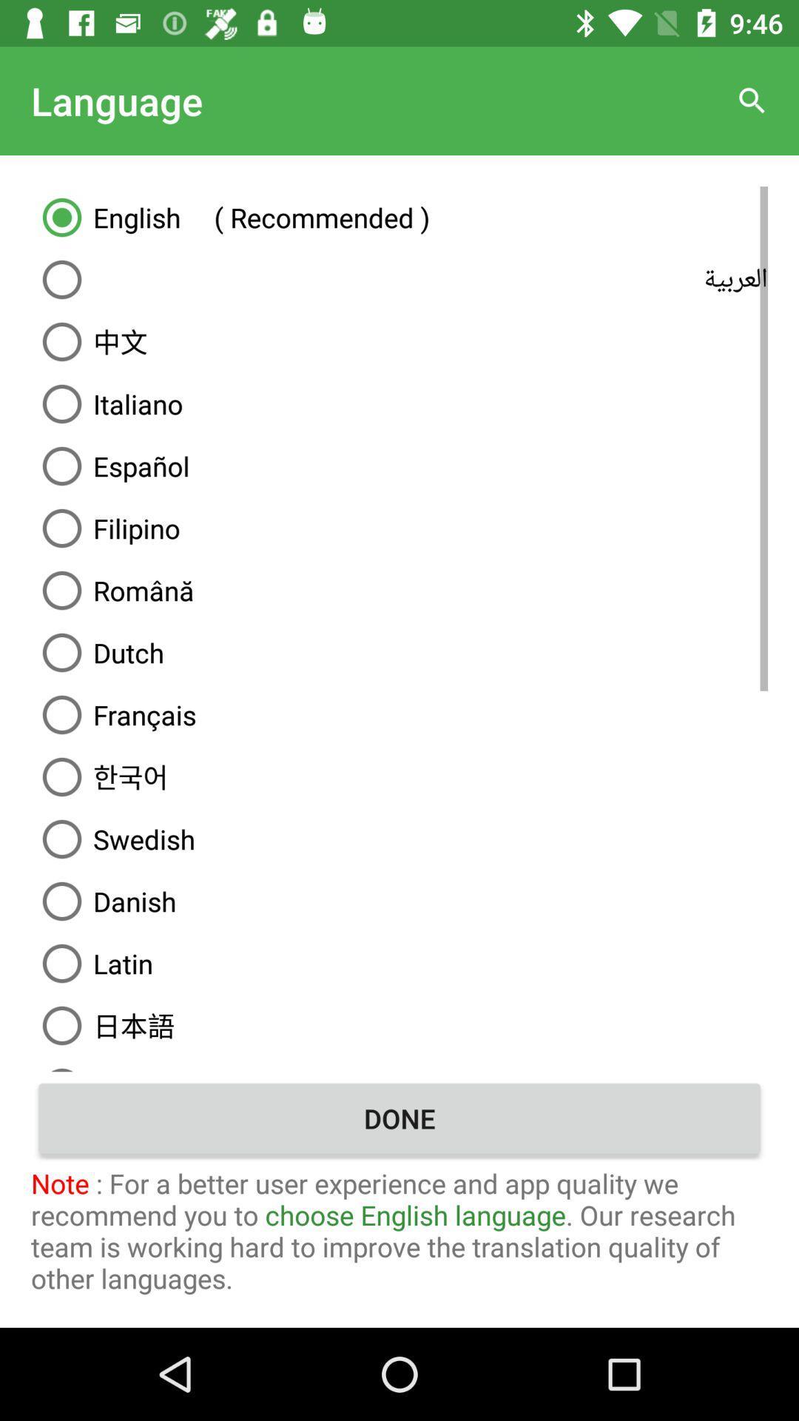 This screenshot has height=1421, width=799. Describe the element at coordinates (399, 589) in the screenshot. I see `the item above dutch item` at that location.